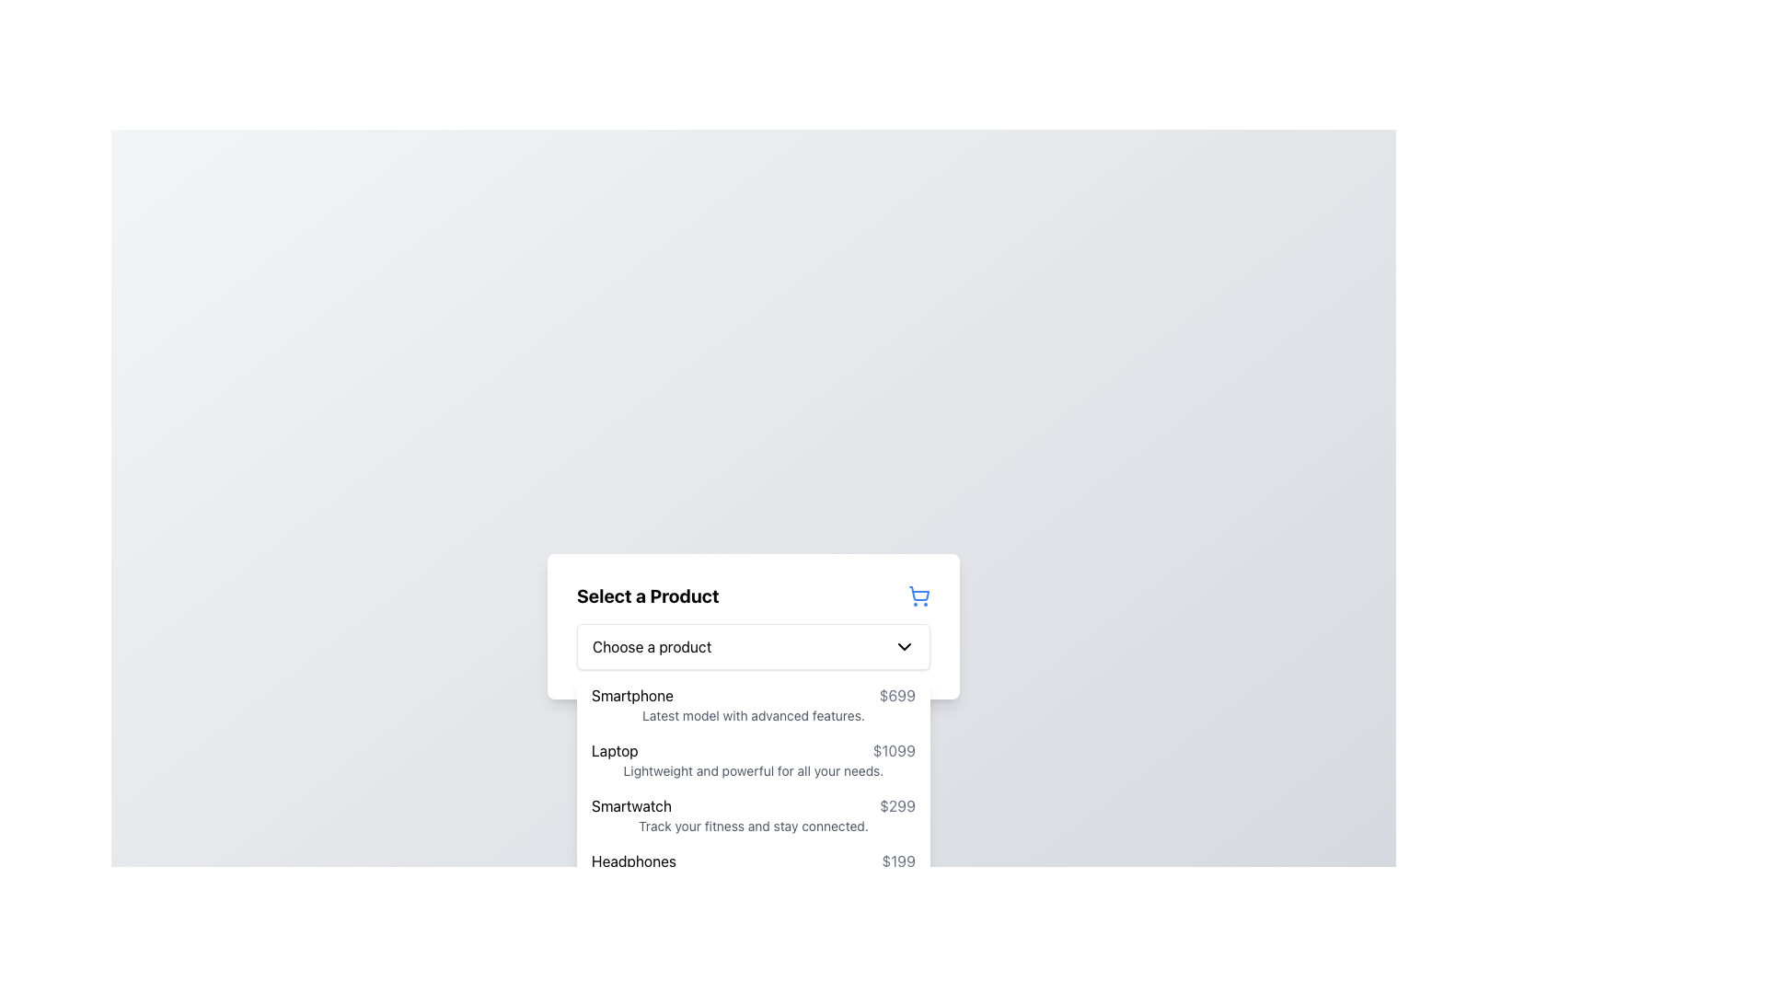 This screenshot has height=994, width=1767. What do you see at coordinates (754, 704) in the screenshot?
I see `the first list item displaying a smartphone product's name and price` at bounding box center [754, 704].